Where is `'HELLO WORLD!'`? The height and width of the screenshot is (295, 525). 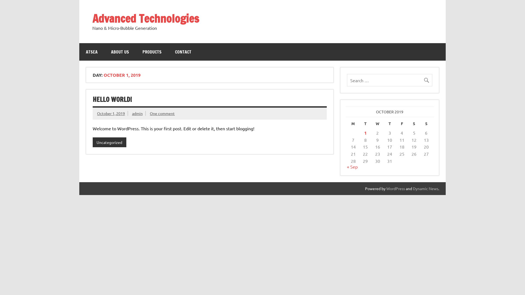
'HELLO WORLD!' is located at coordinates (112, 99).